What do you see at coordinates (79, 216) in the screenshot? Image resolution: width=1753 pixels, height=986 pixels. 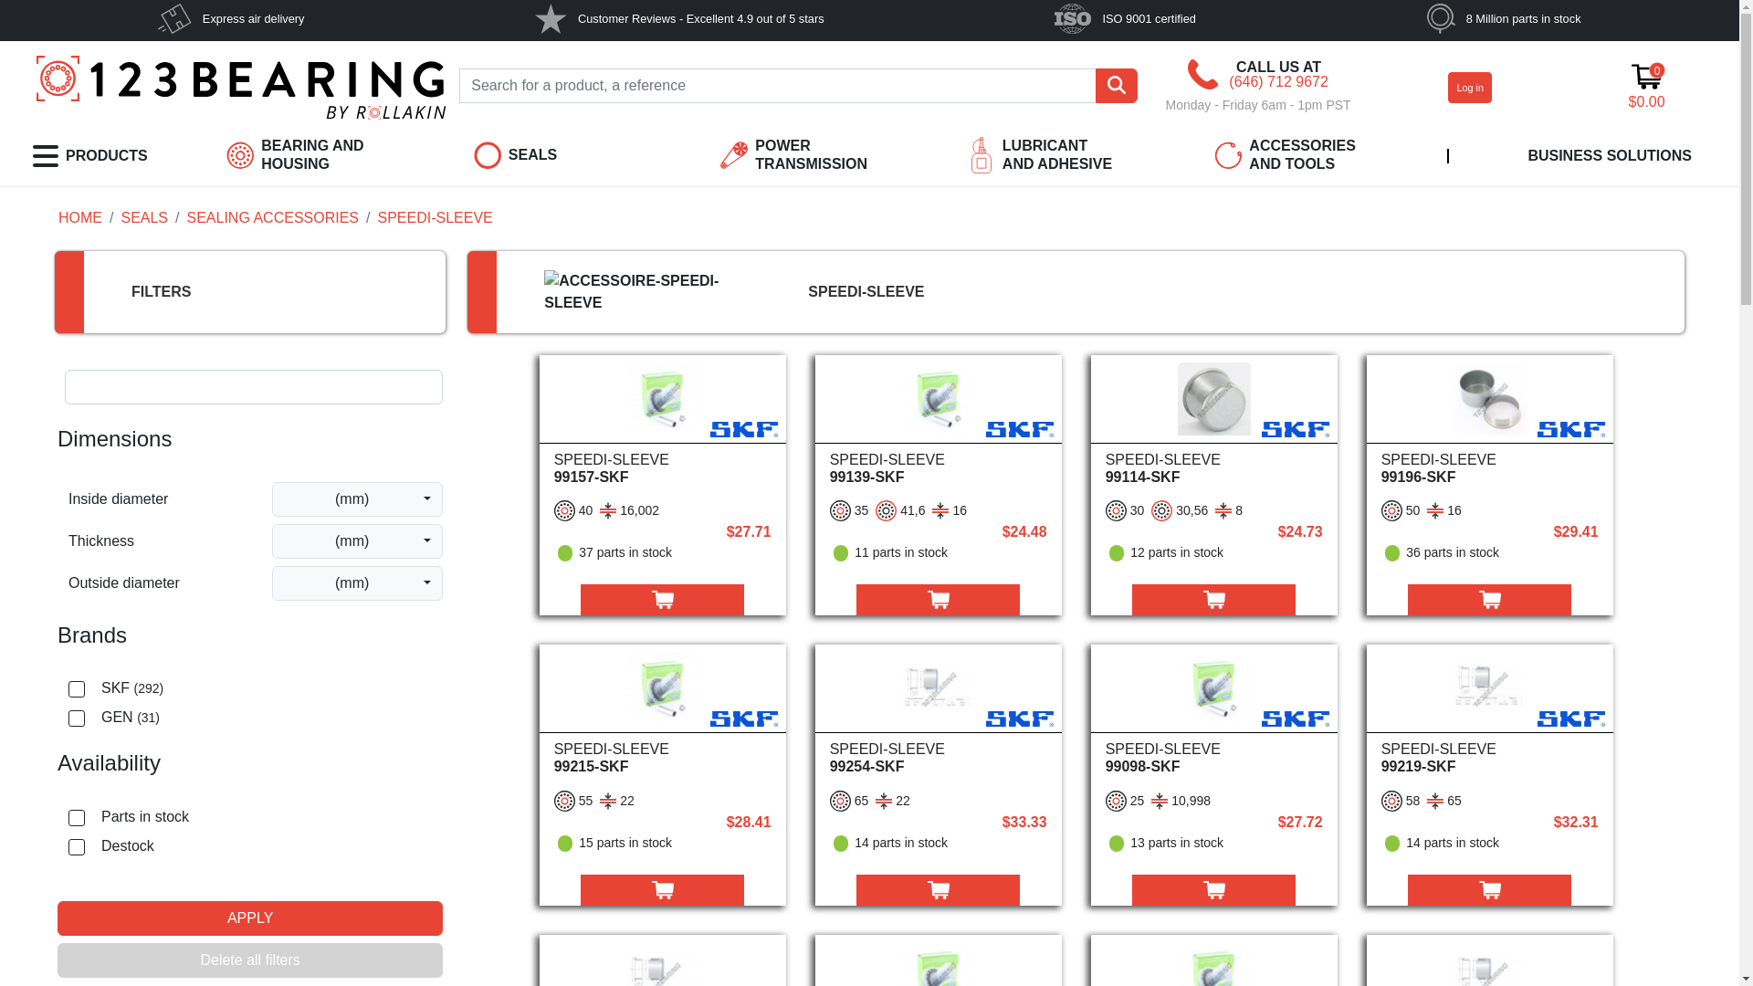 I see `'HOME'` at bounding box center [79, 216].